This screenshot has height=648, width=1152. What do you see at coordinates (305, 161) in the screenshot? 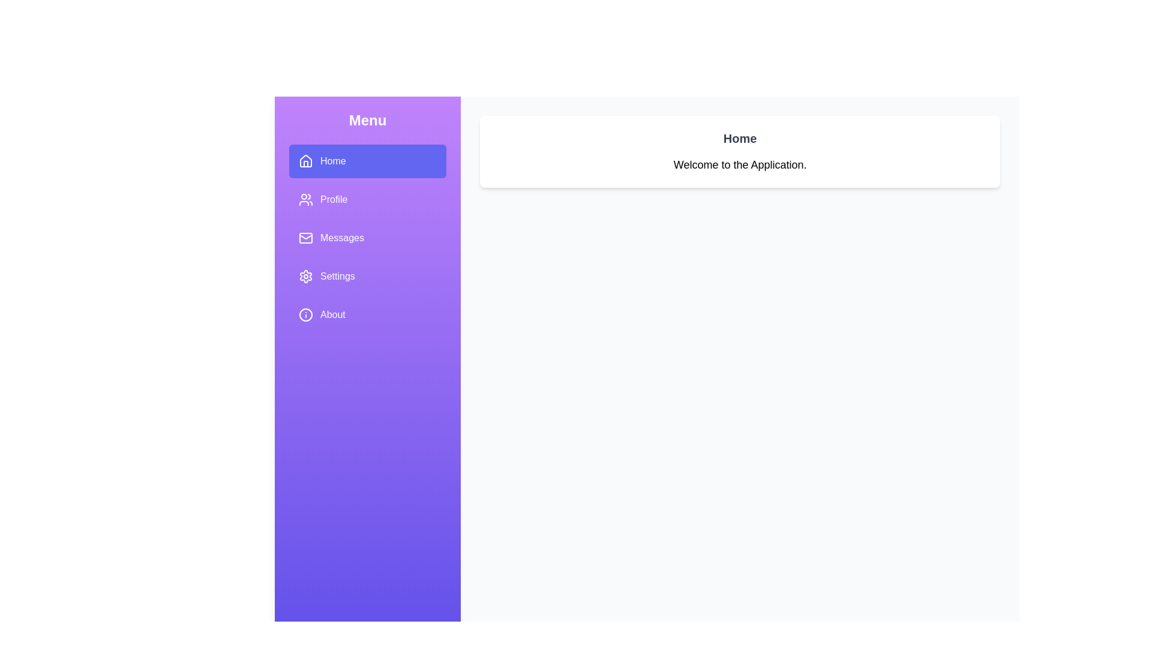
I see `the 'Home' menu icon located in the left sidebar, which serves as the entry point to the main page of the application` at bounding box center [305, 161].